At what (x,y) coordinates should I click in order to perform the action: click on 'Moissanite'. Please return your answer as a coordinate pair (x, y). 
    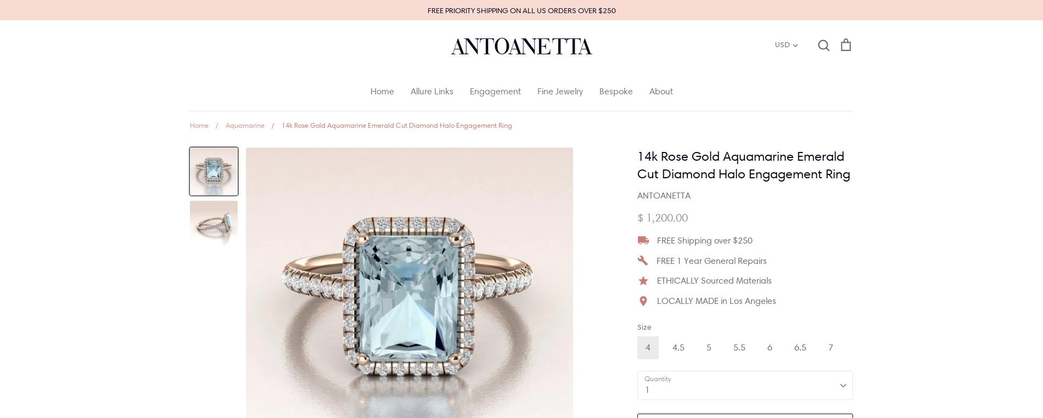
    Looking at the image, I should click on (624, 173).